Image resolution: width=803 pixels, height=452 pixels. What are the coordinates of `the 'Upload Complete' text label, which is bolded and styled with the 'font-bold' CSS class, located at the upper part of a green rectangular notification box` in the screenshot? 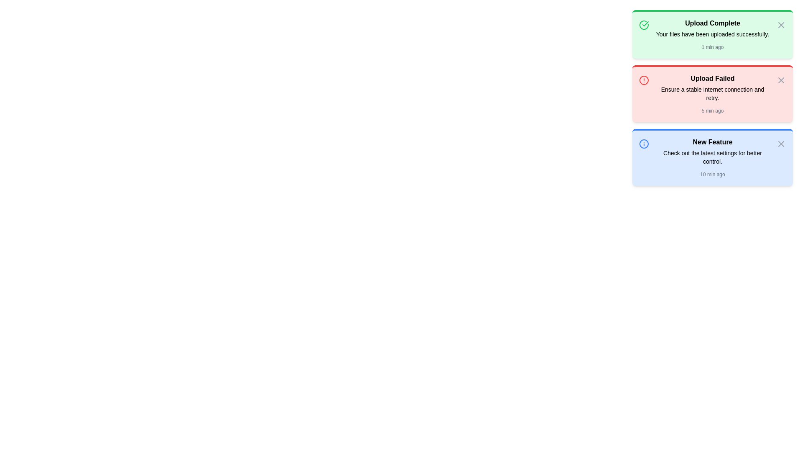 It's located at (712, 23).